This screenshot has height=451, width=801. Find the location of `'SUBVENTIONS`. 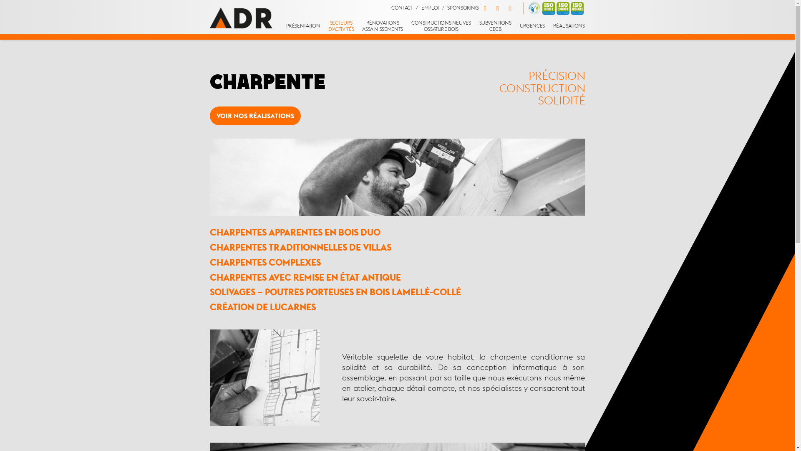

'SUBVENTIONS is located at coordinates (495, 25).